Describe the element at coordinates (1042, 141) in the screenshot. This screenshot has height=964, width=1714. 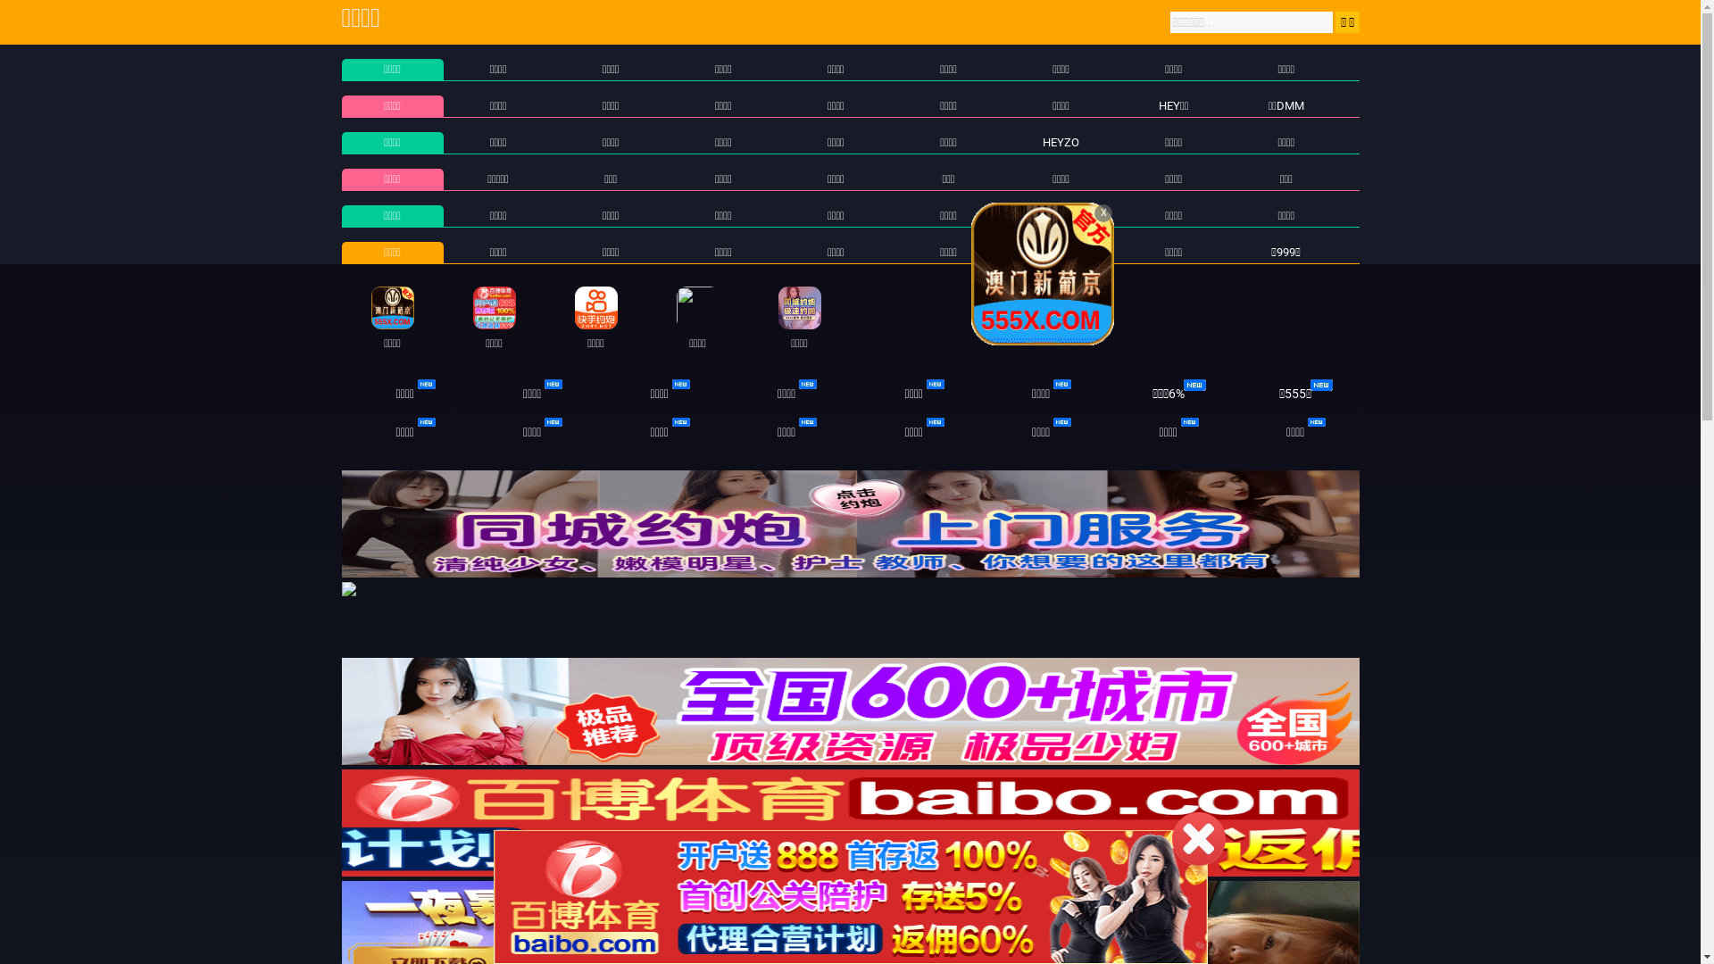
I see `'HEYZO'` at that location.